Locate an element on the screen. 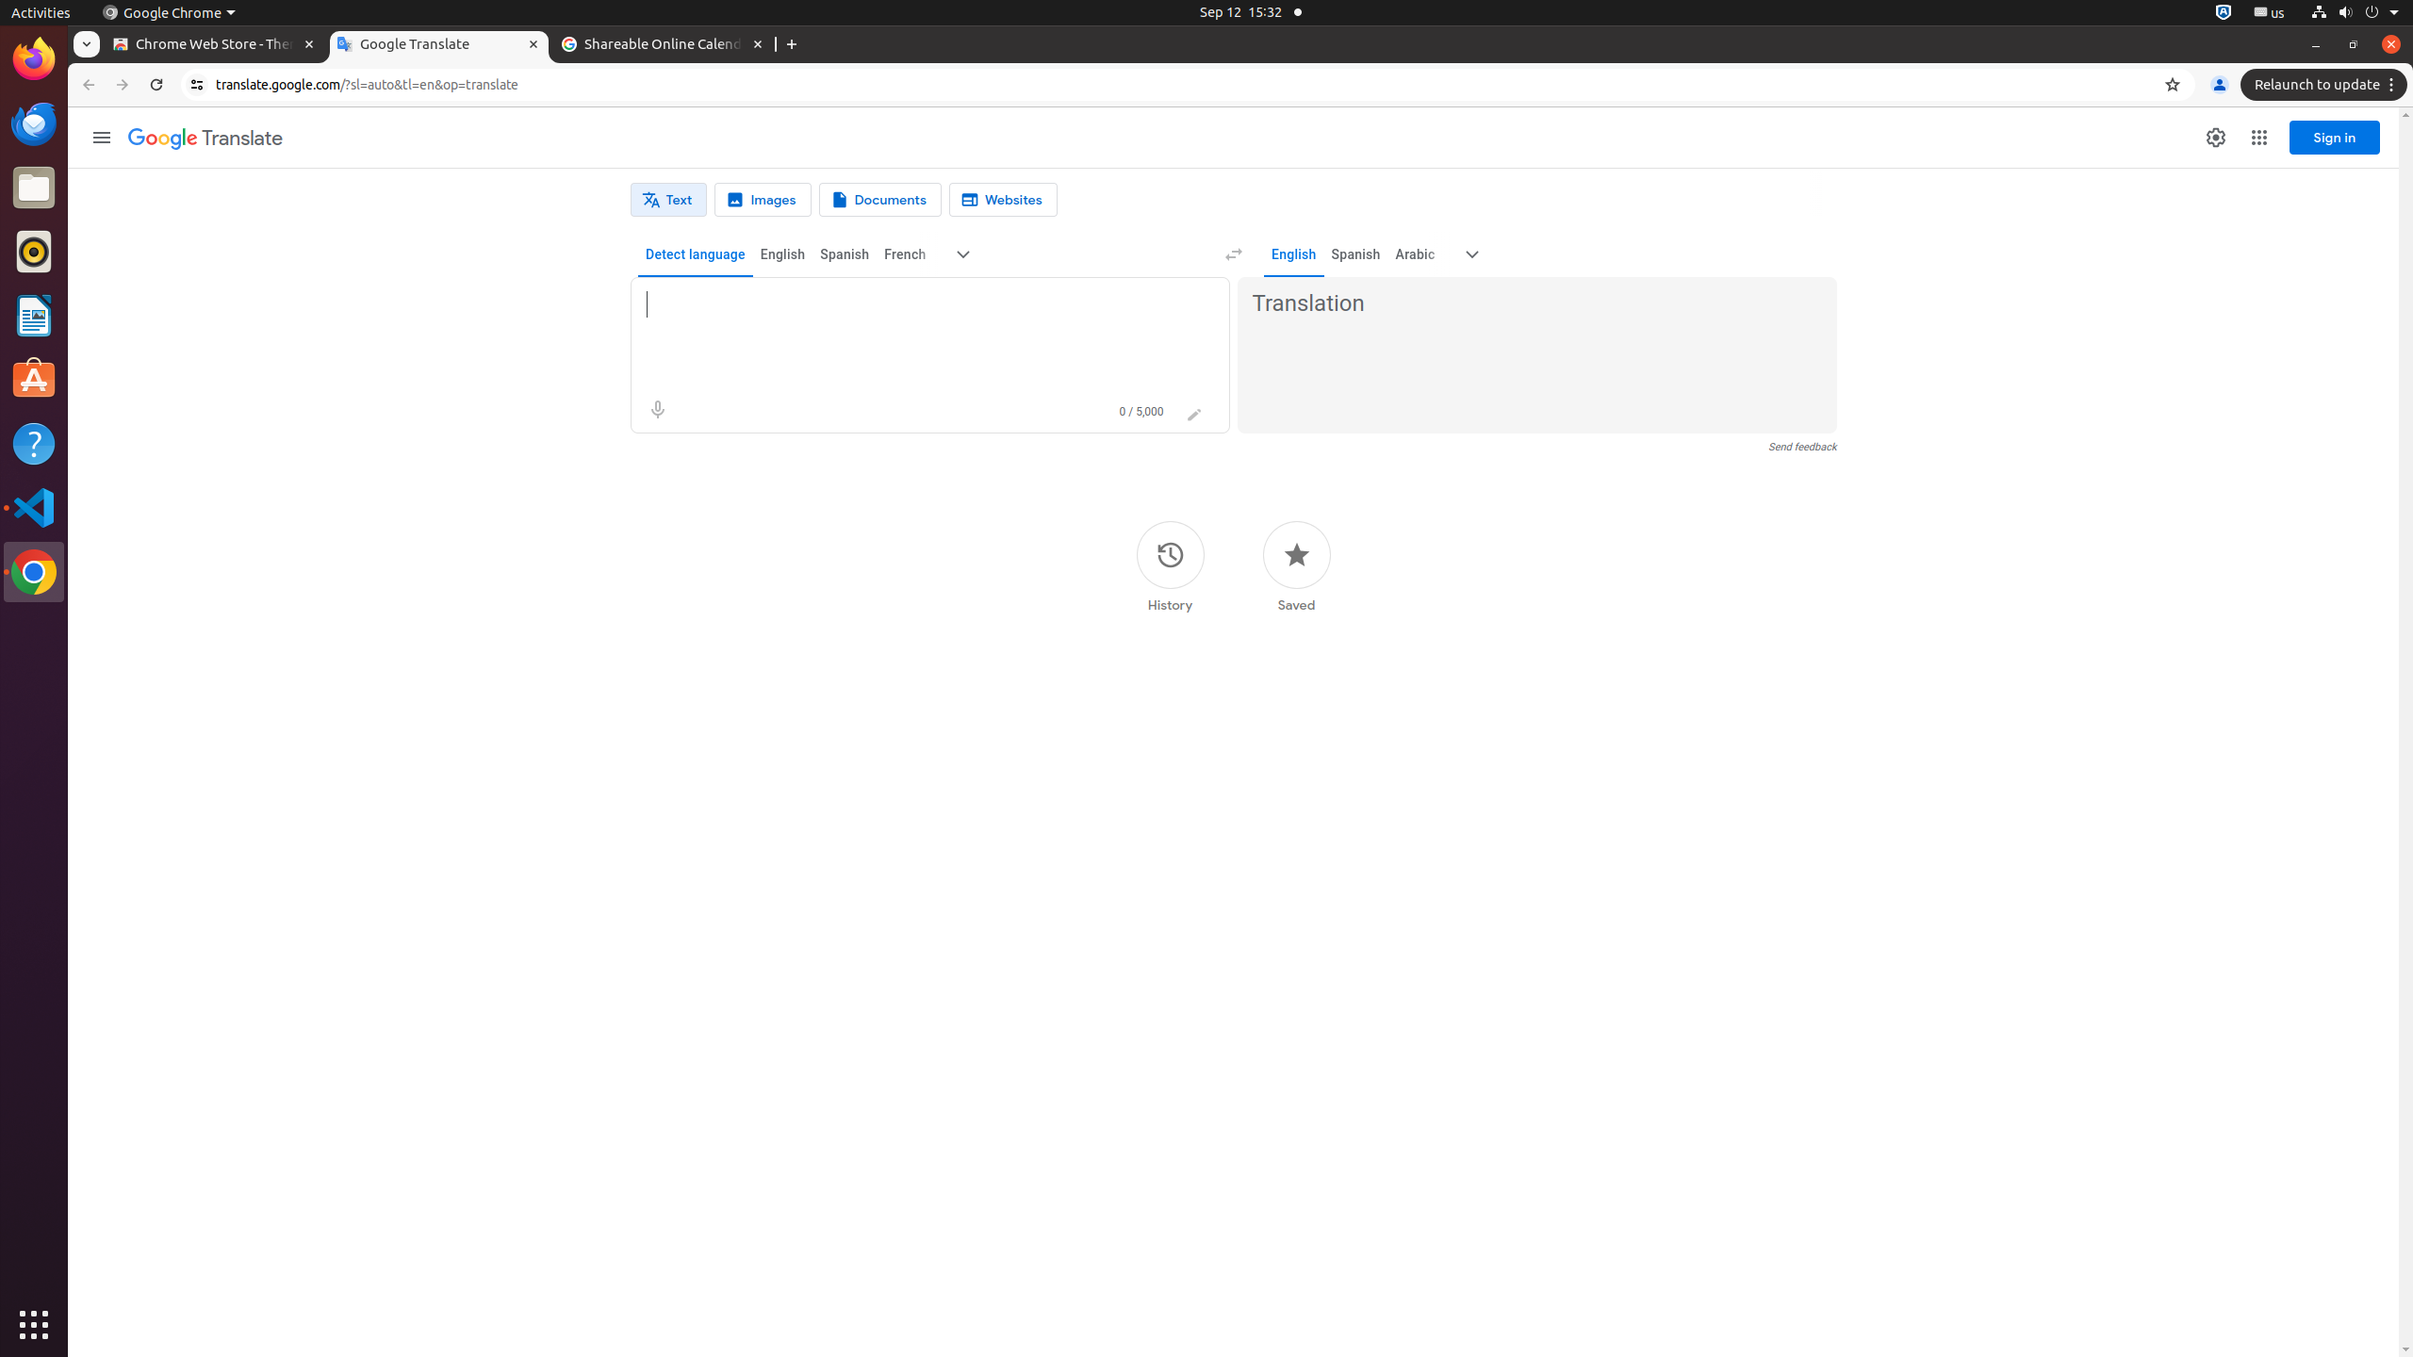 The height and width of the screenshot is (1357, 2413). 'Translate by voice' is located at coordinates (657, 409).